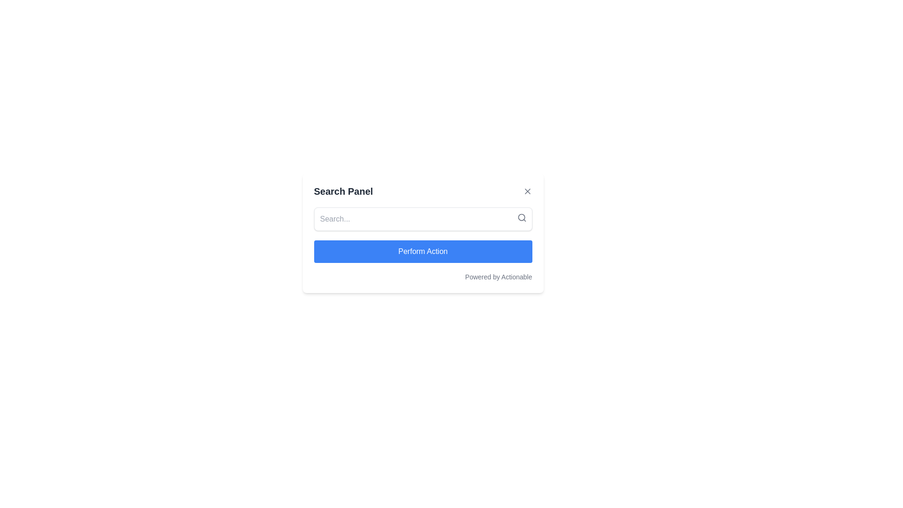 This screenshot has height=508, width=903. What do you see at coordinates (527, 191) in the screenshot?
I see `the 'X' mark button icon in the top-right corner of the 'Search Panel'` at bounding box center [527, 191].